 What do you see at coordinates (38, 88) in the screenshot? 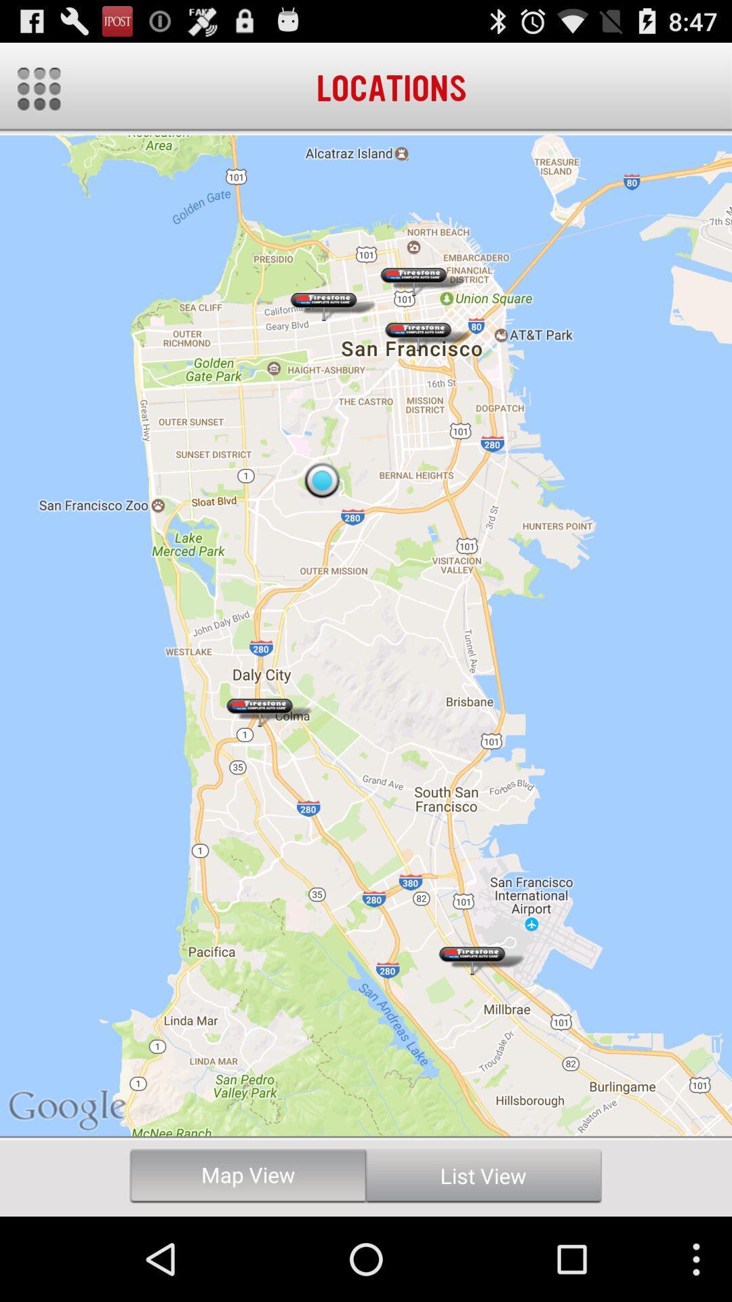
I see `options` at bounding box center [38, 88].